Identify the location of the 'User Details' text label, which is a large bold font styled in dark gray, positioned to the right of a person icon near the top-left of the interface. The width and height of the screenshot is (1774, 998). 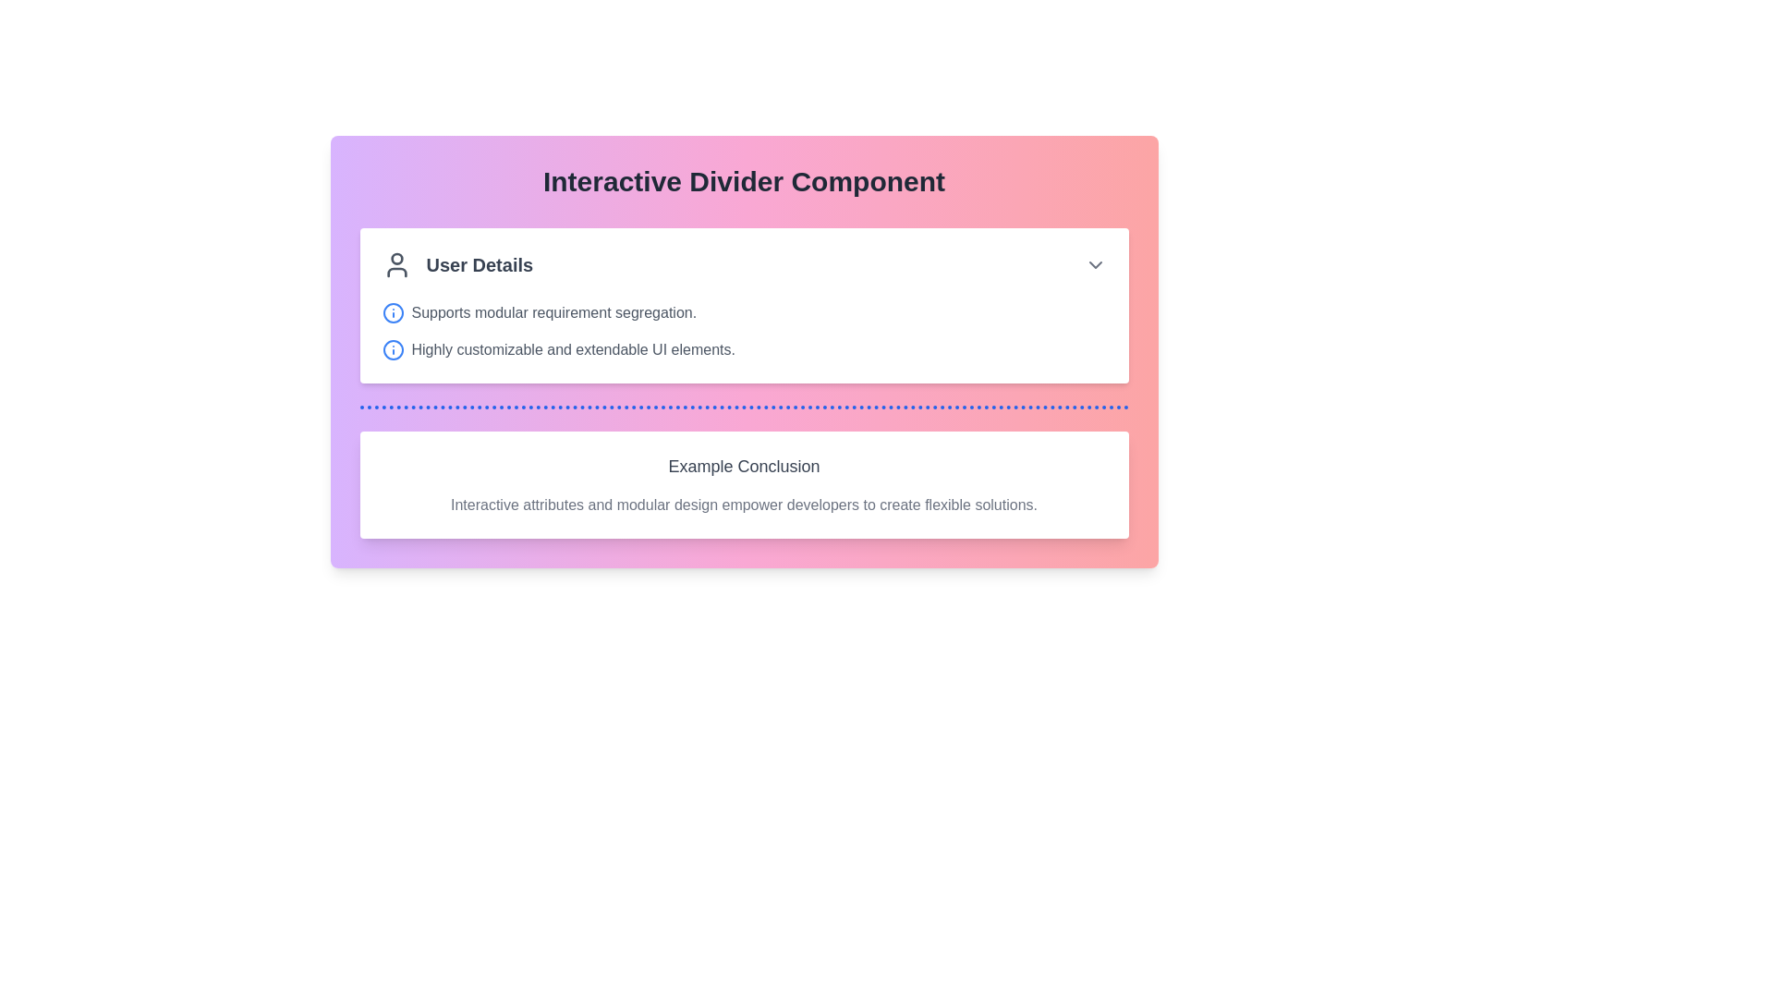
(480, 264).